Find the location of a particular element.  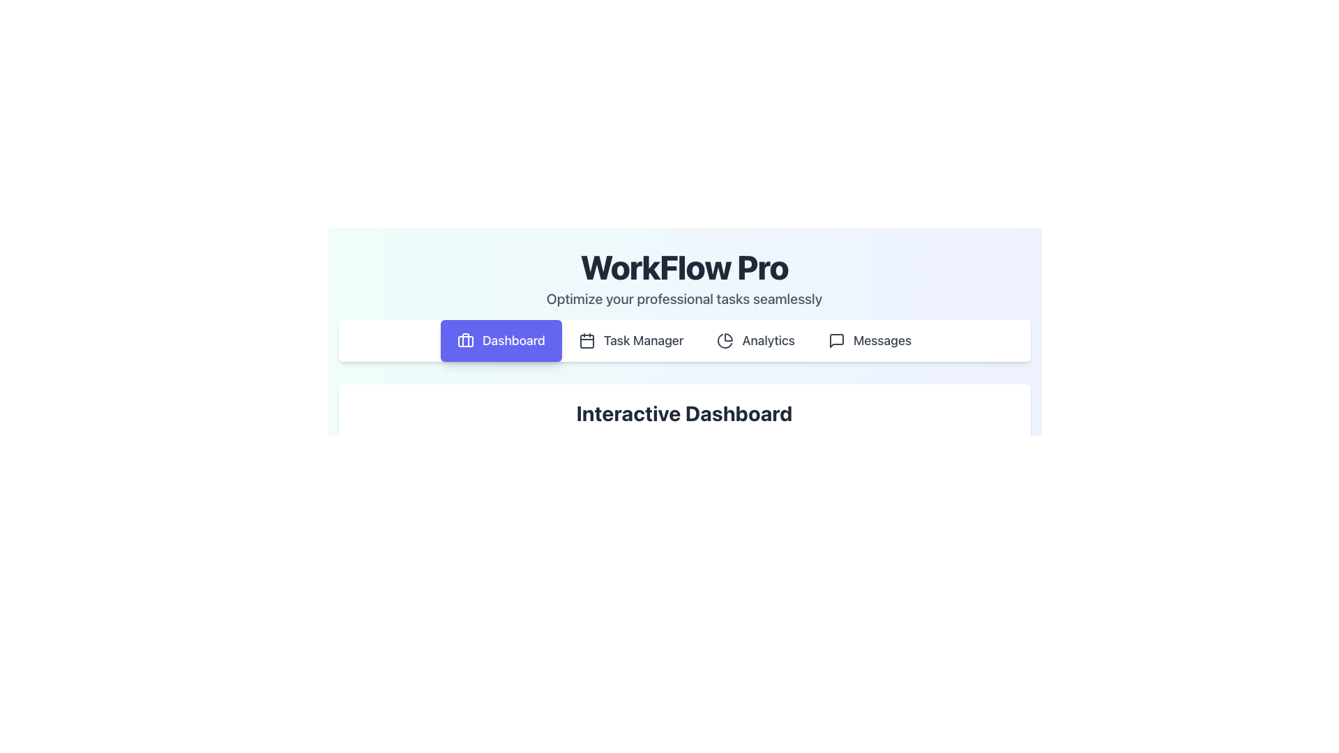

the third button in the horizontal navigation bar, which is located between 'Task Manager' and 'Messages' is located at coordinates (755, 341).